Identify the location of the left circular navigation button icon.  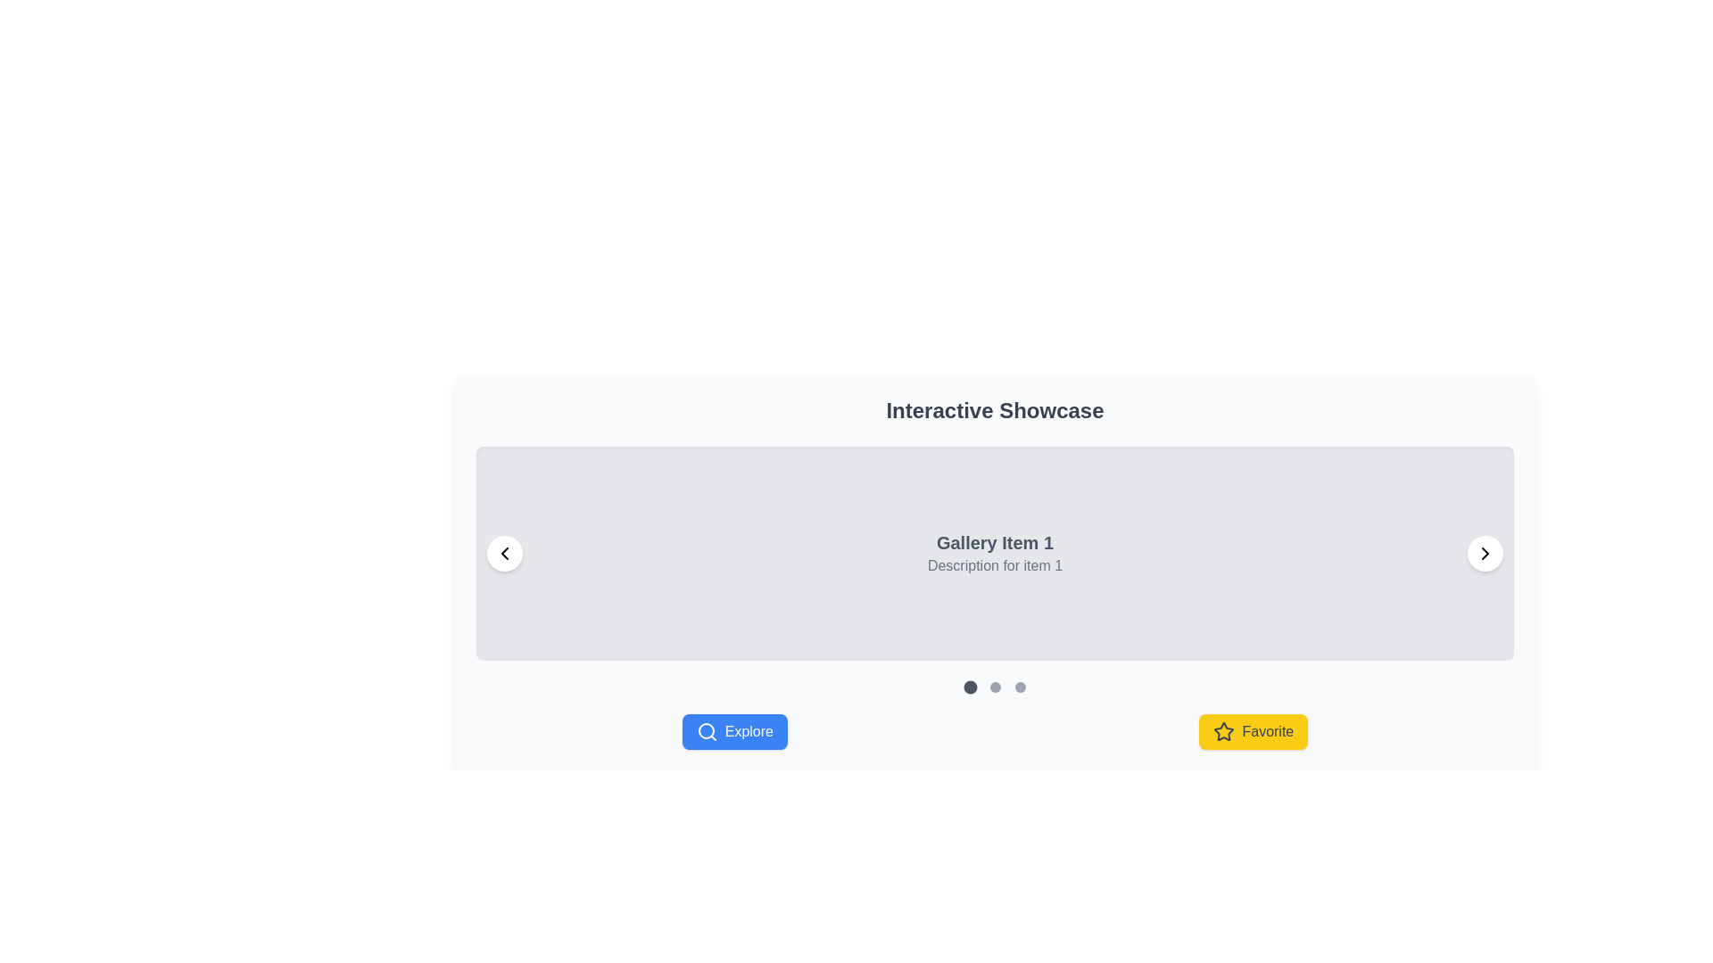
(504, 553).